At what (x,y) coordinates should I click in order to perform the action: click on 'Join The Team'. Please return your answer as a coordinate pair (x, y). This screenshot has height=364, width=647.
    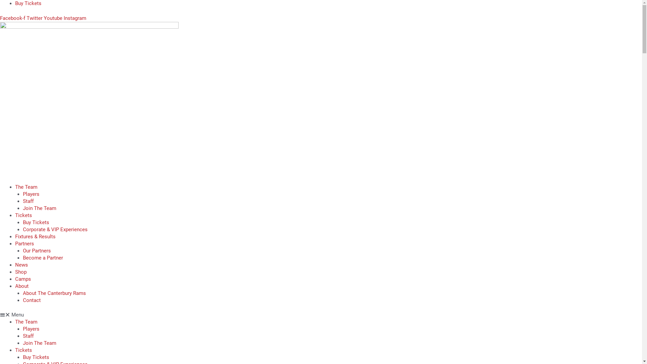
    Looking at the image, I should click on (39, 208).